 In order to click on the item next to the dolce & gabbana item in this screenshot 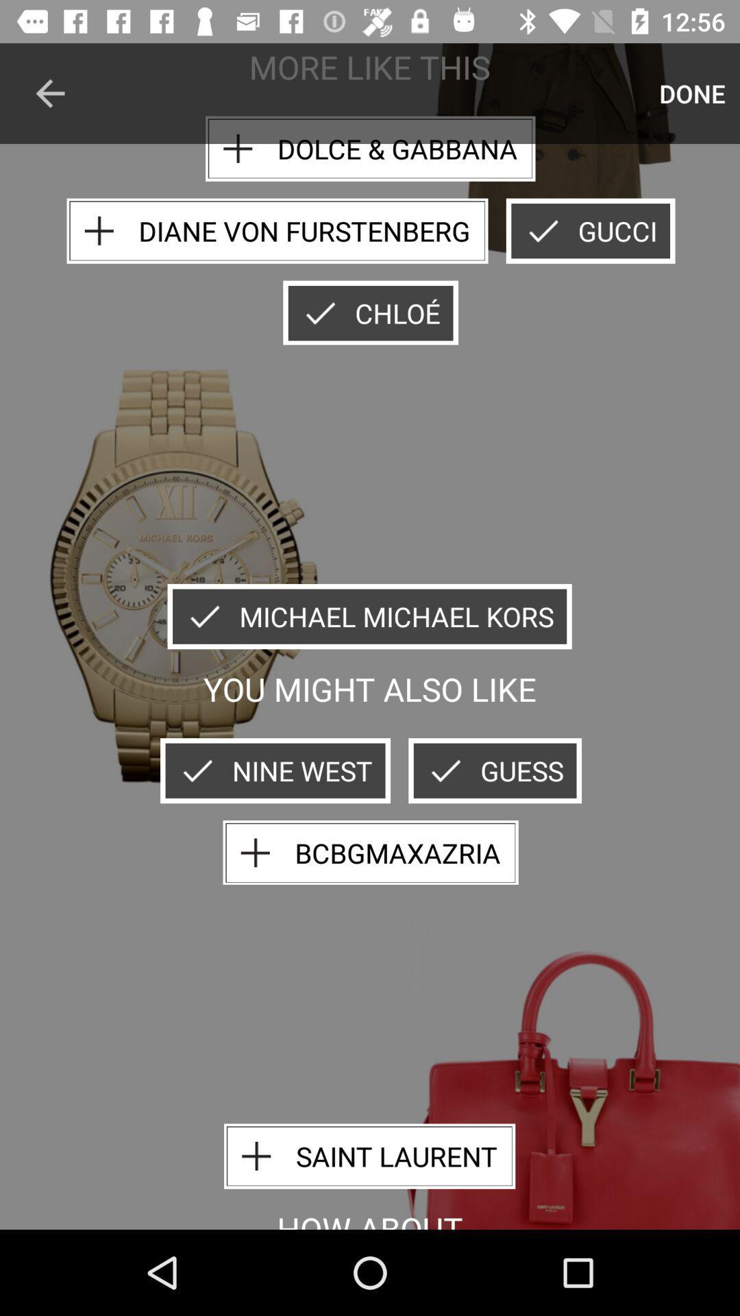, I will do `click(49, 93)`.